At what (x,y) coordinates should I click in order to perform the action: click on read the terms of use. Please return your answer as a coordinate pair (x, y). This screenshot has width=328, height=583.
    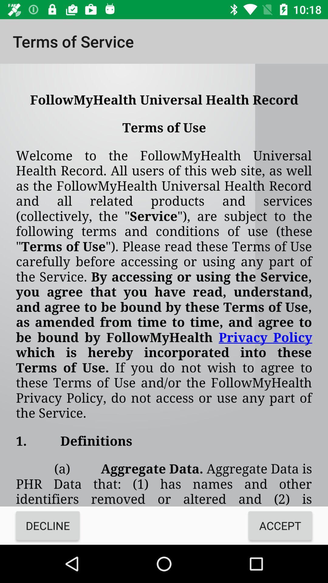
    Looking at the image, I should click on (164, 285).